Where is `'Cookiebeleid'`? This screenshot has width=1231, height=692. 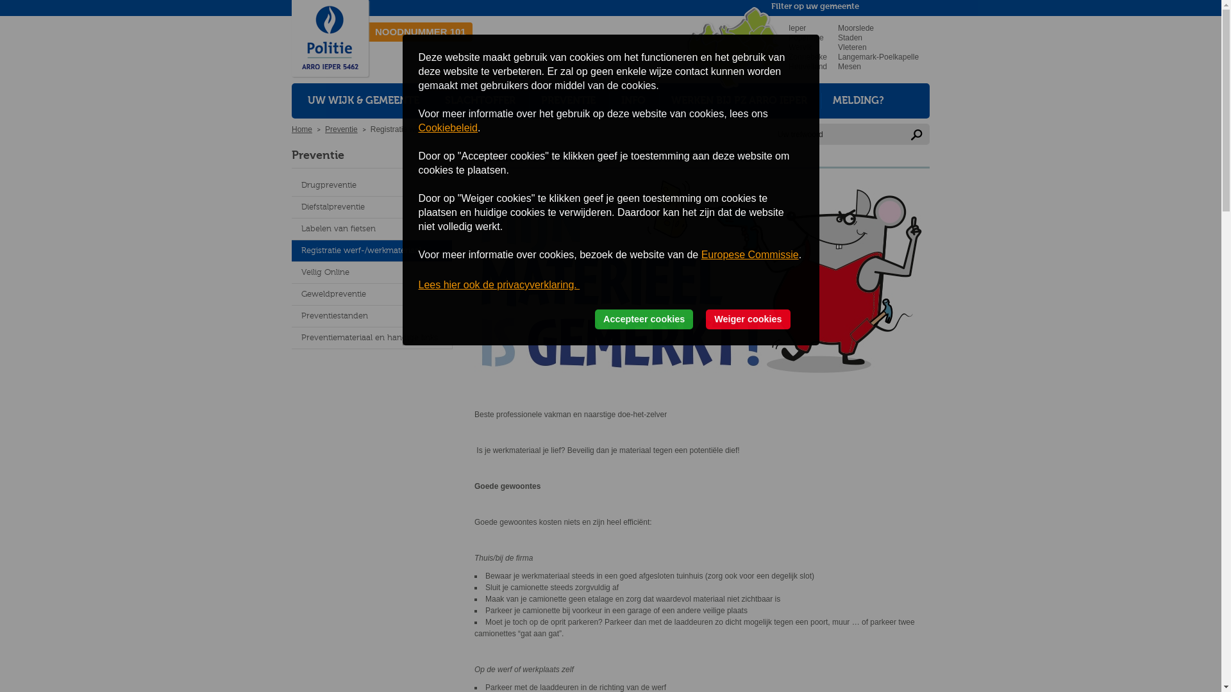 'Cookiebeleid' is located at coordinates (448, 128).